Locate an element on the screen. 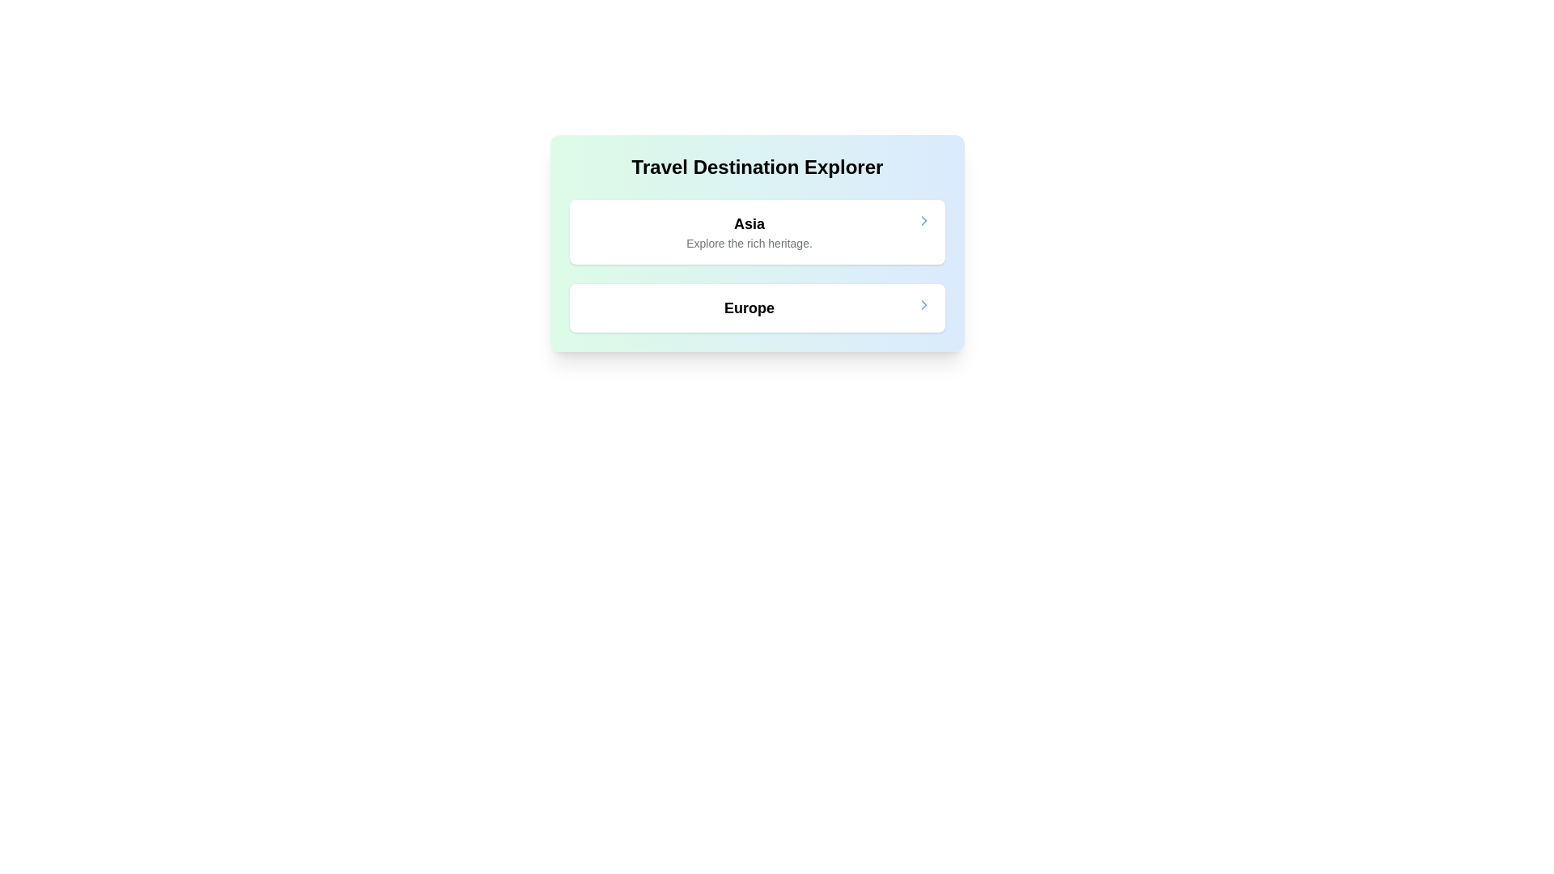 The image size is (1554, 874). the surrounding block associated with the forward navigation icon located at the right-end side of the 'Asia' block is located at coordinates (924, 221).